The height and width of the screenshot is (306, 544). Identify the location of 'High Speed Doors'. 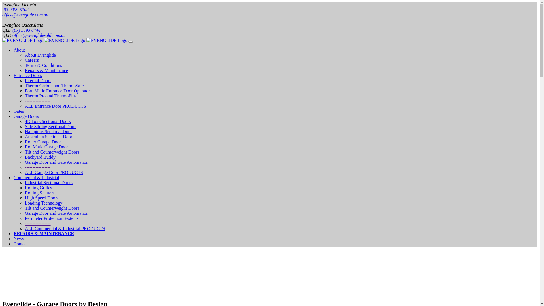
(41, 197).